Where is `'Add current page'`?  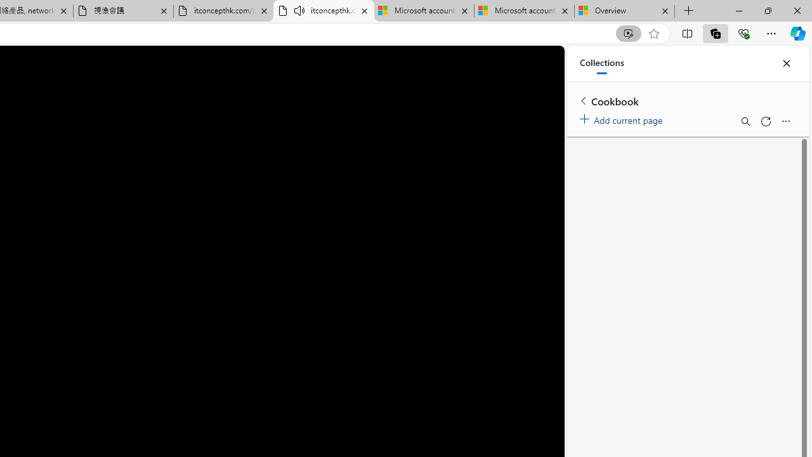
'Add current page' is located at coordinates (624, 118).